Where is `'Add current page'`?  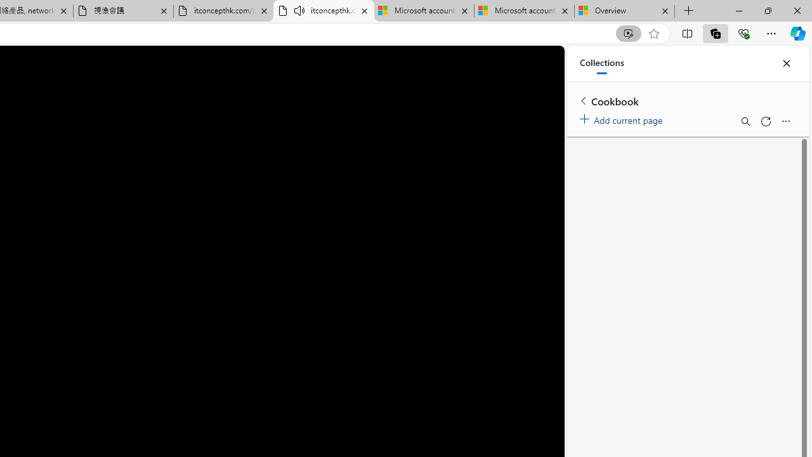
'Add current page' is located at coordinates (624, 118).